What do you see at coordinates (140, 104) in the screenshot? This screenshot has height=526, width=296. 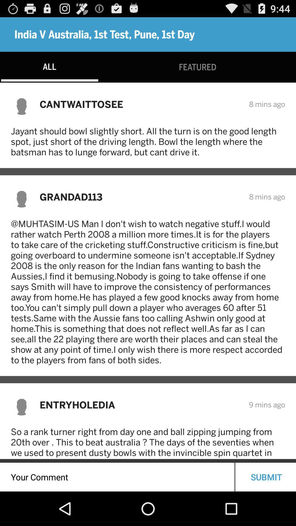 I see `the item above the jayant should bowl item` at bounding box center [140, 104].